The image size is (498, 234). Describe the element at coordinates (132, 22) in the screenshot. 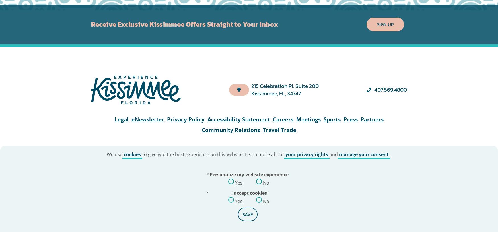

I see `'cookies'` at that location.